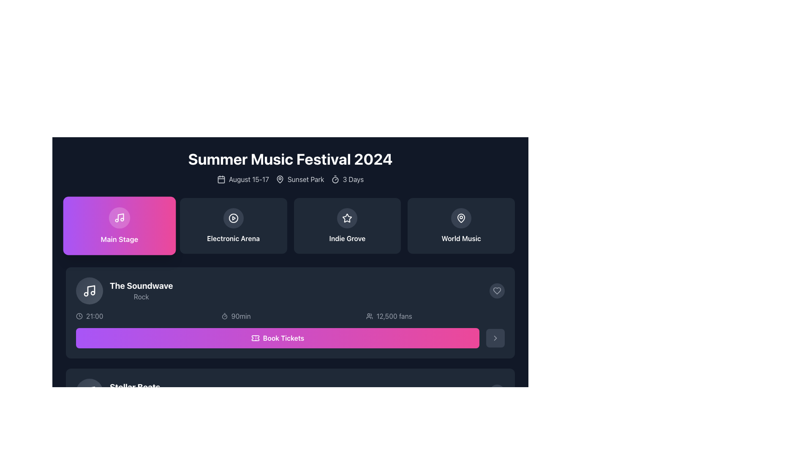 The height and width of the screenshot is (456, 811). What do you see at coordinates (495, 338) in the screenshot?
I see `the navigational button located to the right of the 'Book Tickets' button` at bounding box center [495, 338].